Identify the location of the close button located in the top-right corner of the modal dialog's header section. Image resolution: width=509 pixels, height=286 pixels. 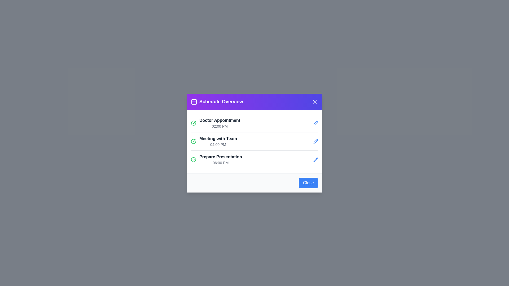
(315, 101).